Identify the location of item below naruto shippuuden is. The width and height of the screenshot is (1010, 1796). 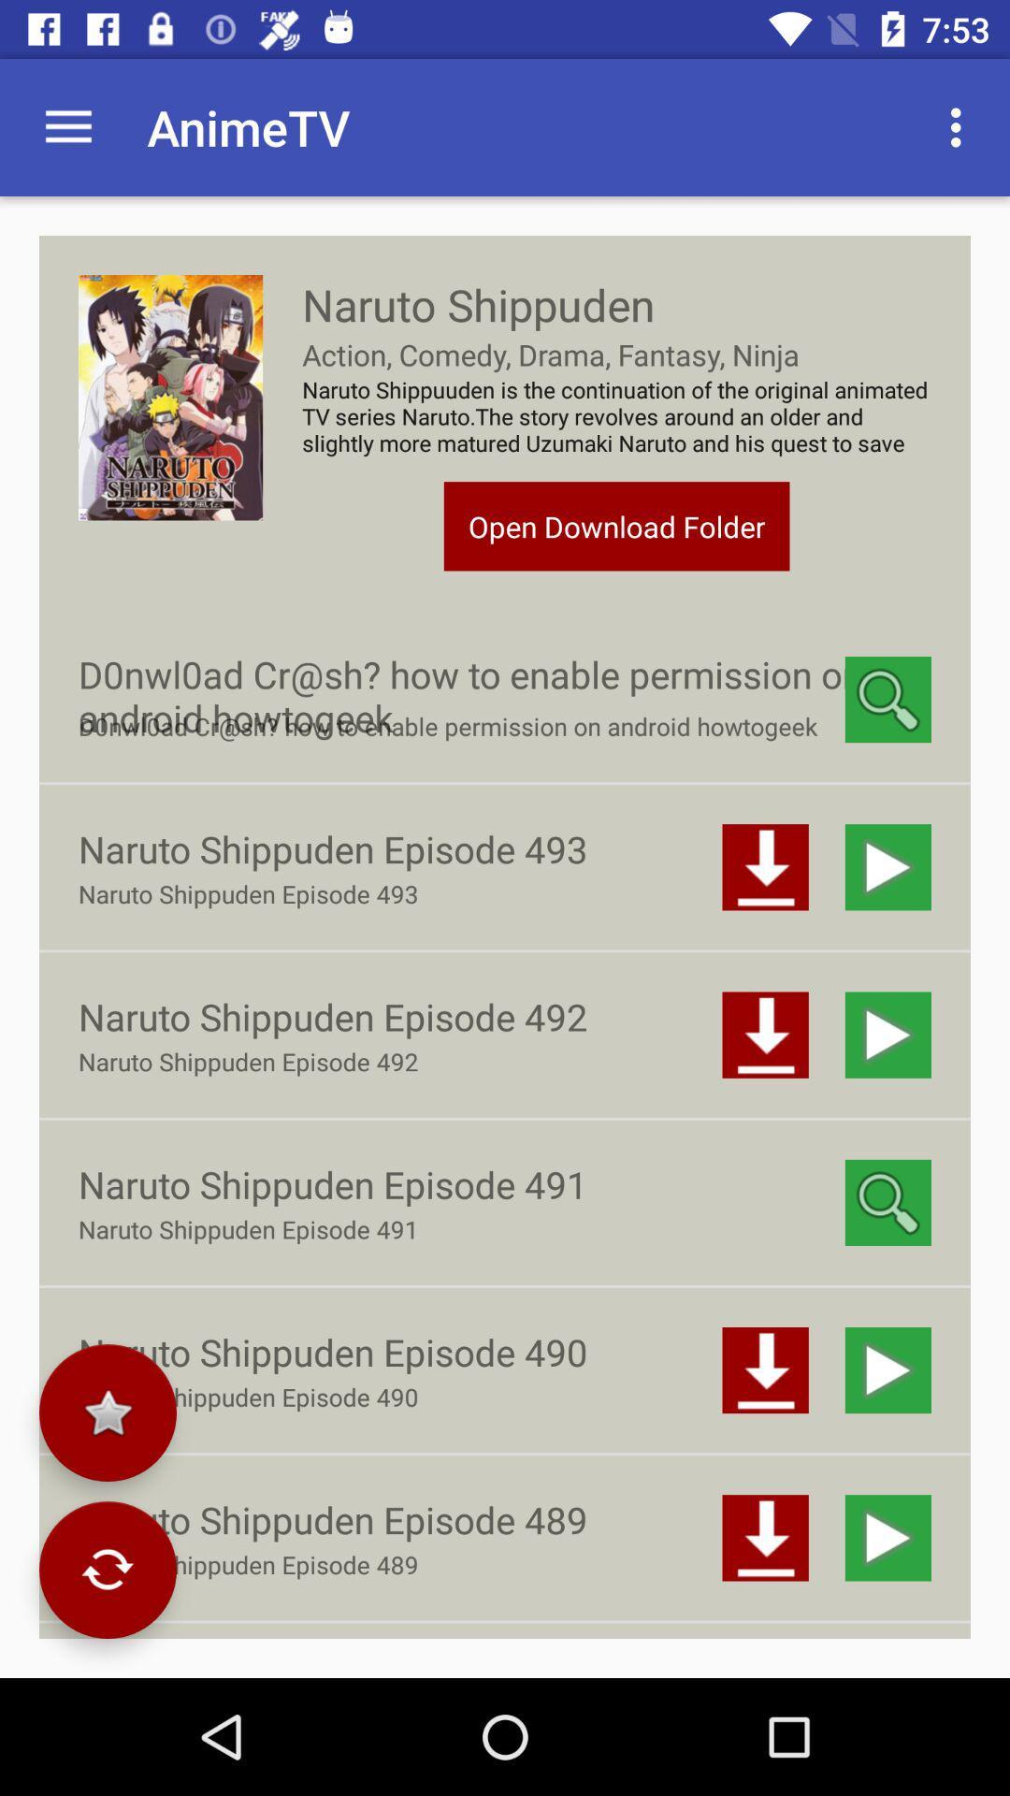
(616, 525).